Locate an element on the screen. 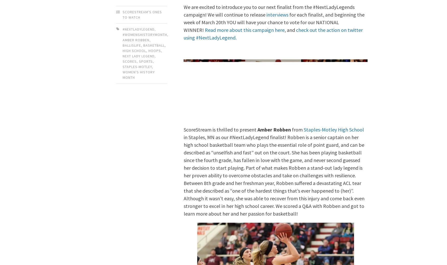  ', and' is located at coordinates (290, 29).